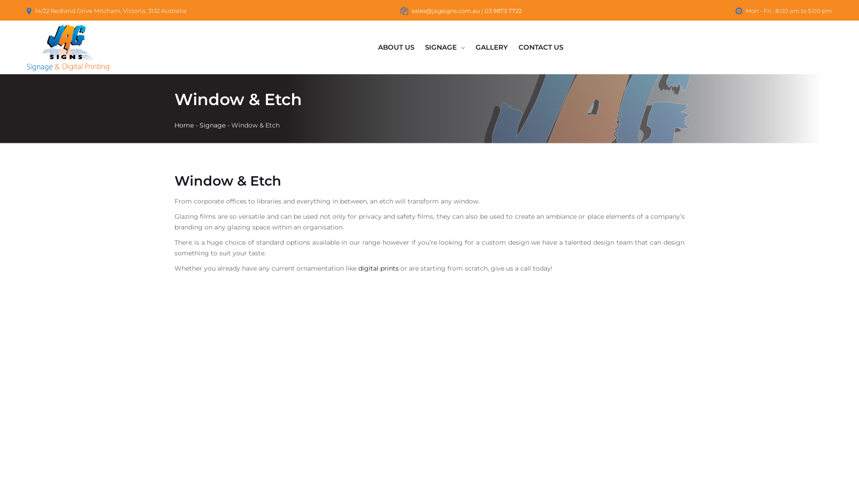 The image size is (859, 483). Describe the element at coordinates (540, 47) in the screenshot. I see `'CONTACT US'` at that location.